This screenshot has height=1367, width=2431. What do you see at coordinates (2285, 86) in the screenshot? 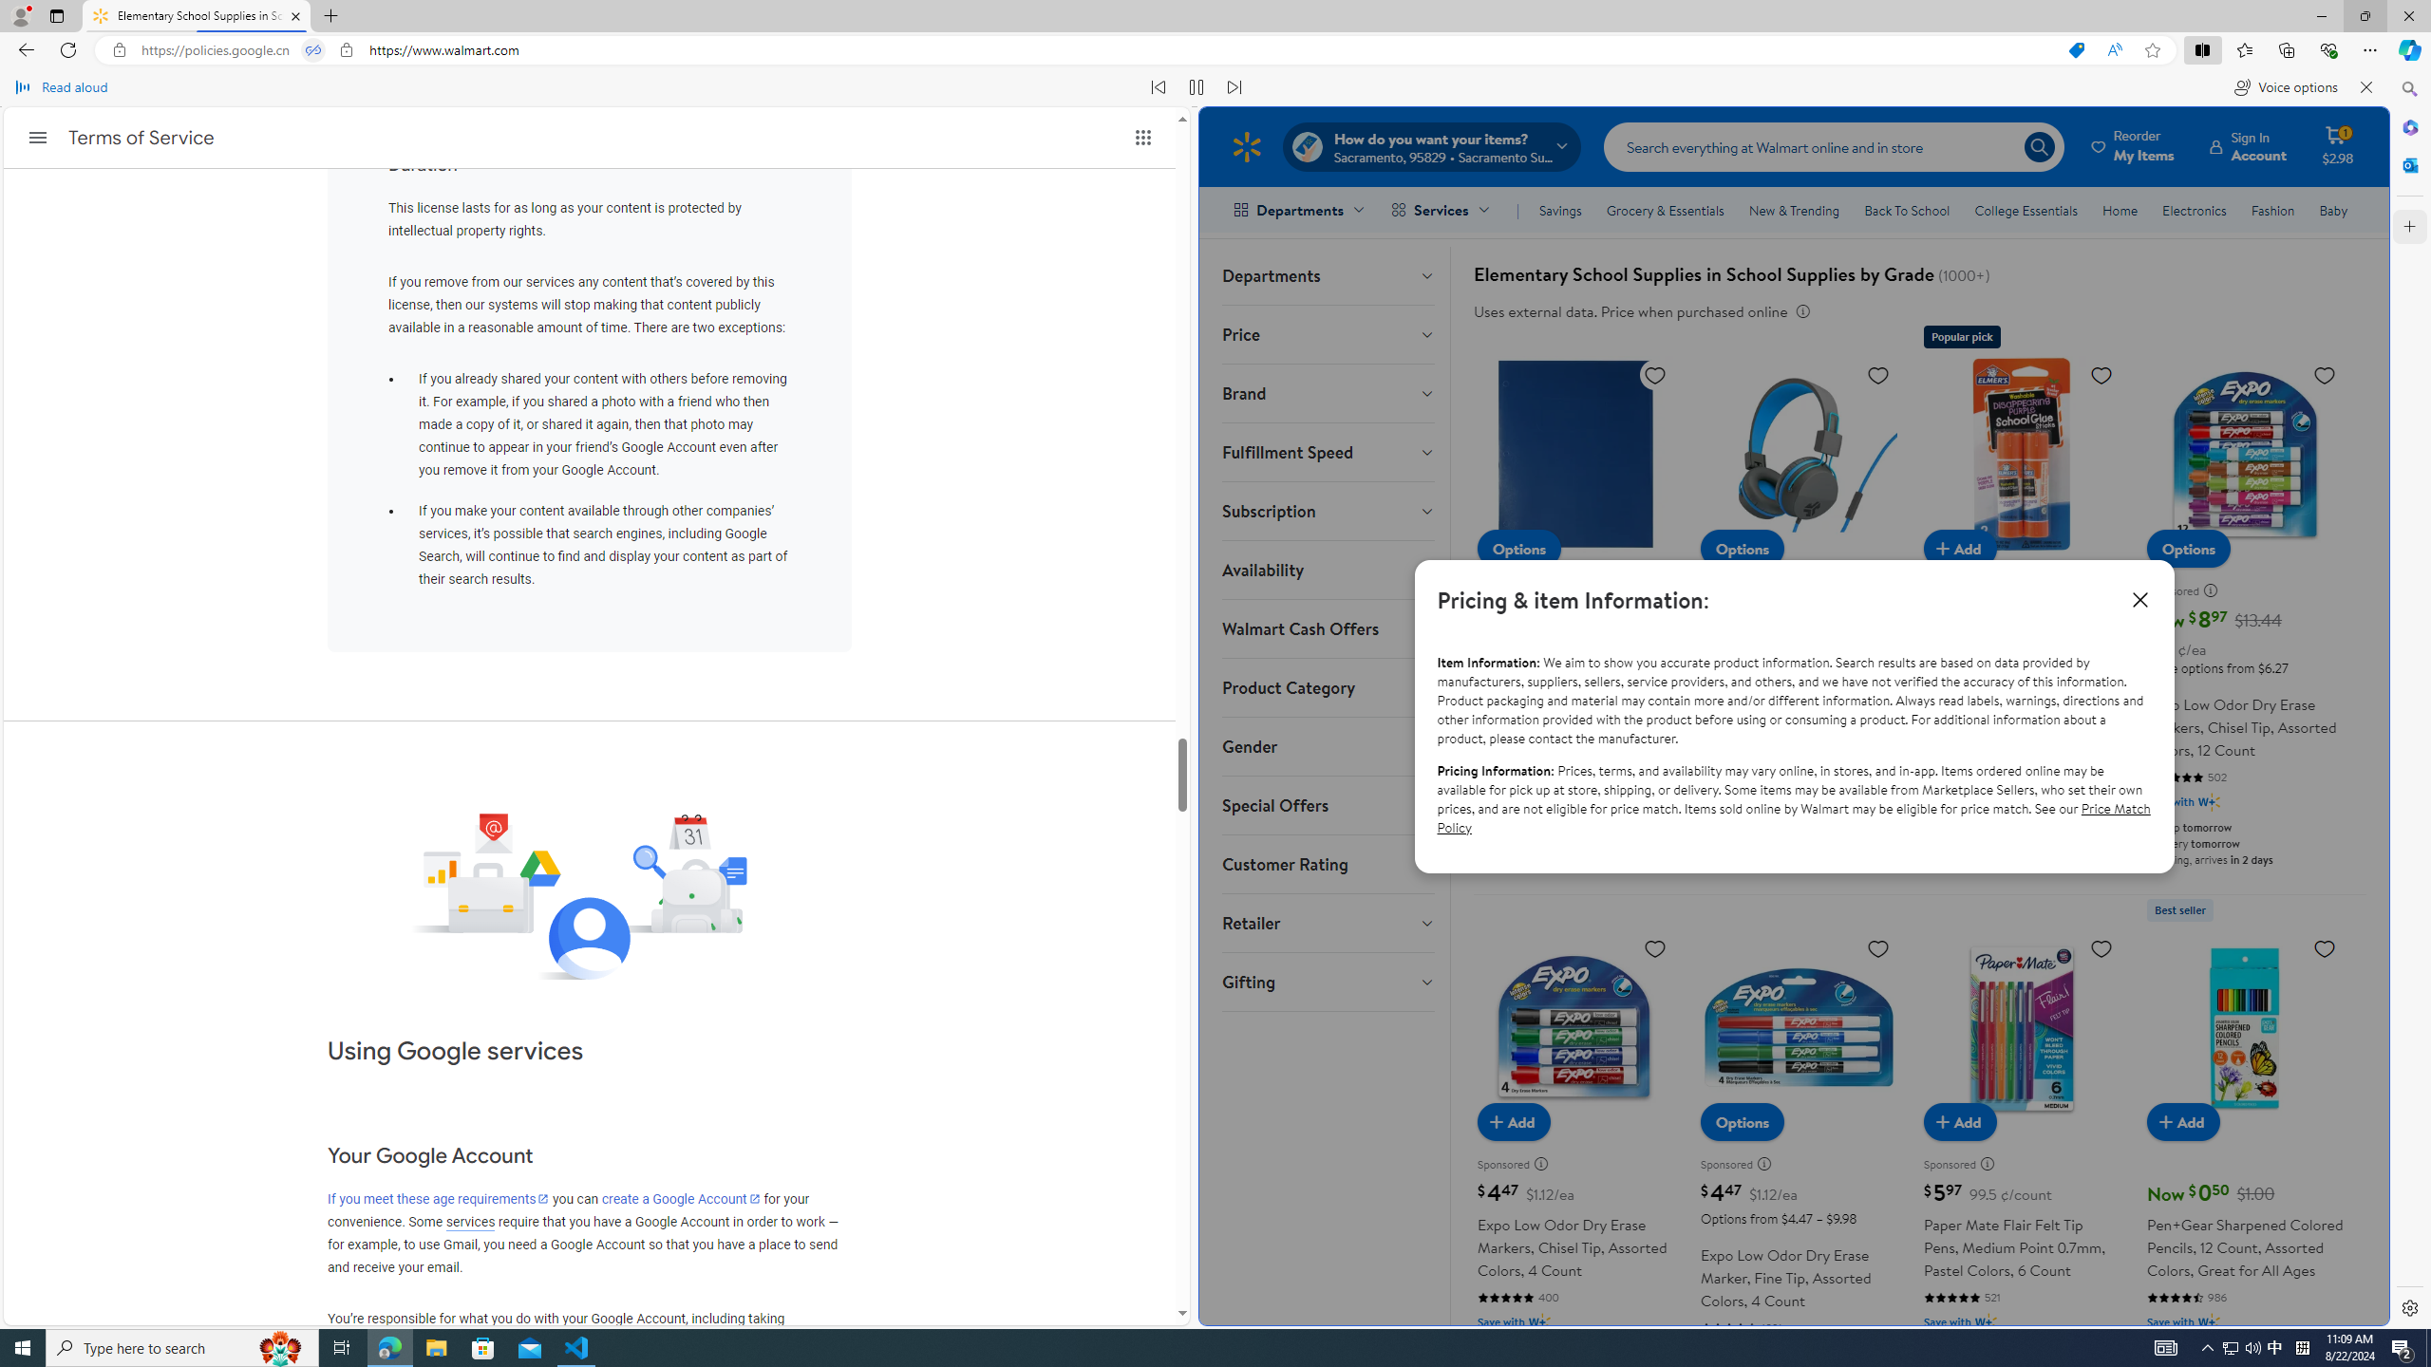
I see `'Voice options'` at bounding box center [2285, 86].